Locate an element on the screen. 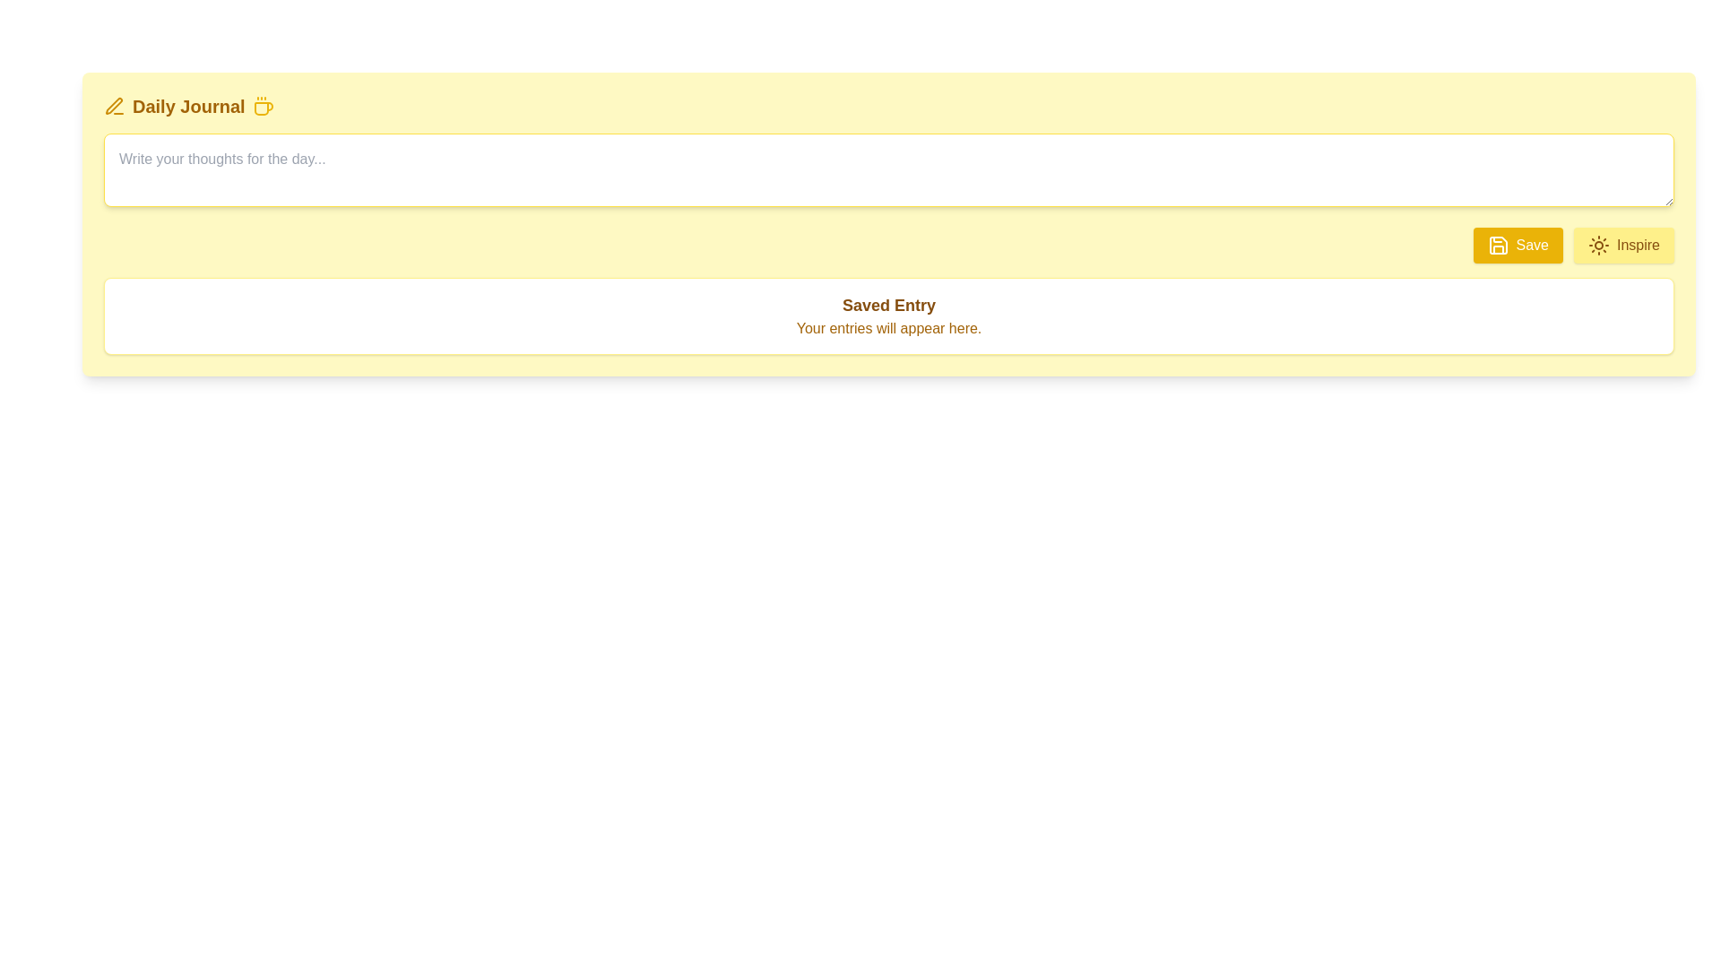 This screenshot has height=968, width=1721. the save icon located within the yellow 'Save' button at the upper right of the interface is located at coordinates (1498, 245).